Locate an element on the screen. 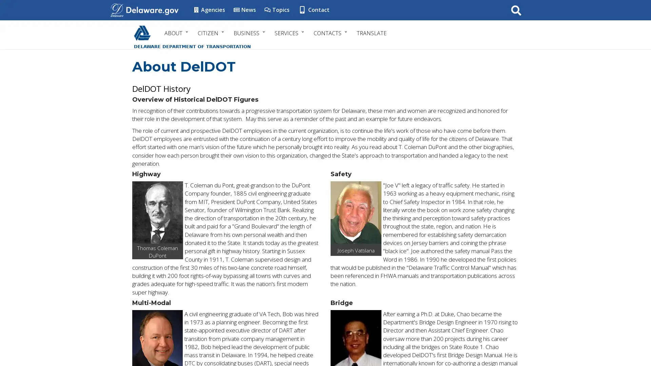 This screenshot has width=651, height=366. Search is located at coordinates (516, 10).